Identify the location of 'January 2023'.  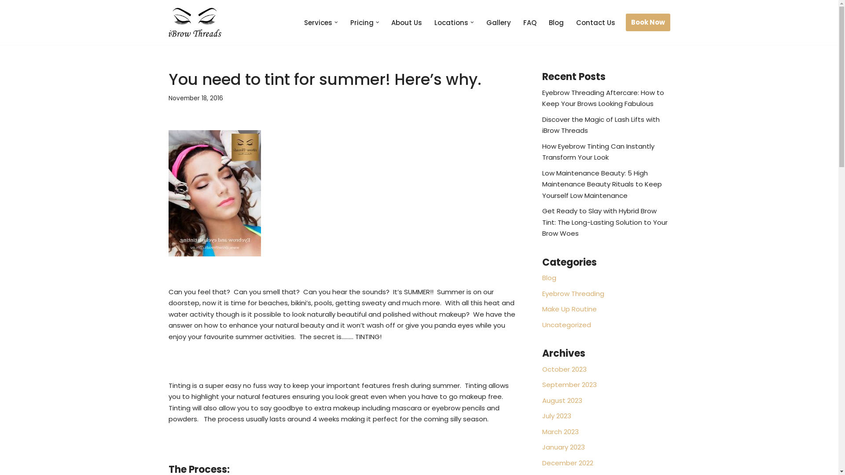
(563, 447).